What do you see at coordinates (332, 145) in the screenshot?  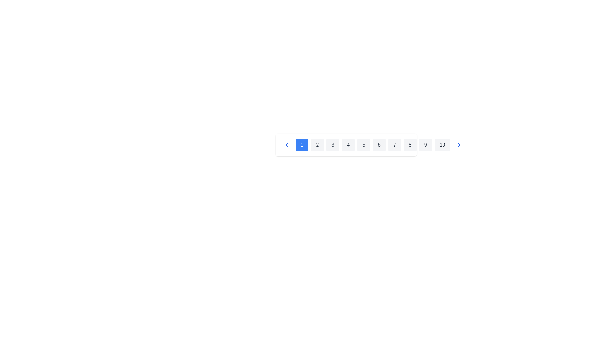 I see `the third button in the pagination bar to trigger a color change` at bounding box center [332, 145].